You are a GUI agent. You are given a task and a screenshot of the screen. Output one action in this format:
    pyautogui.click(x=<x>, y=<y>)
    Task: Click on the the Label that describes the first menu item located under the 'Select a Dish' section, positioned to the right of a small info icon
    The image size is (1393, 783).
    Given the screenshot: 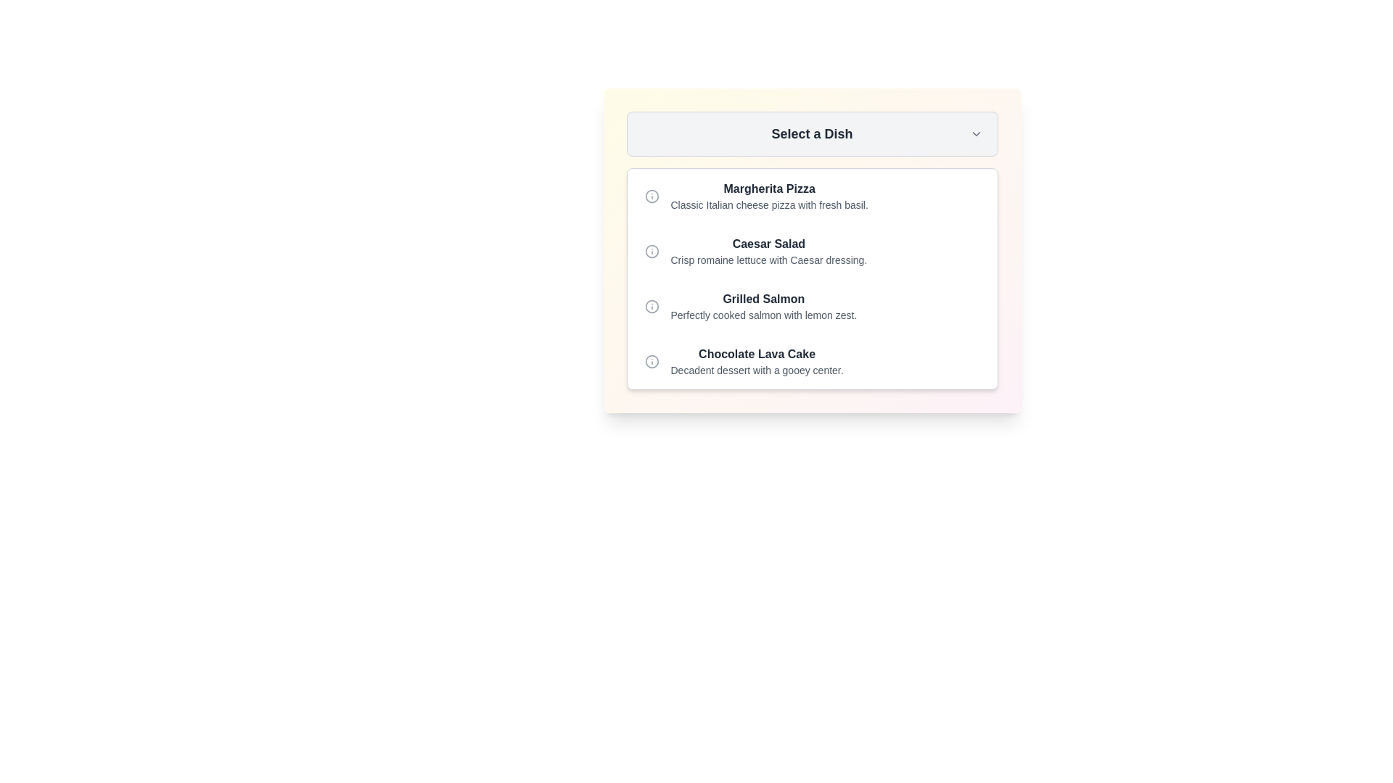 What is the action you would take?
    pyautogui.click(x=768, y=196)
    